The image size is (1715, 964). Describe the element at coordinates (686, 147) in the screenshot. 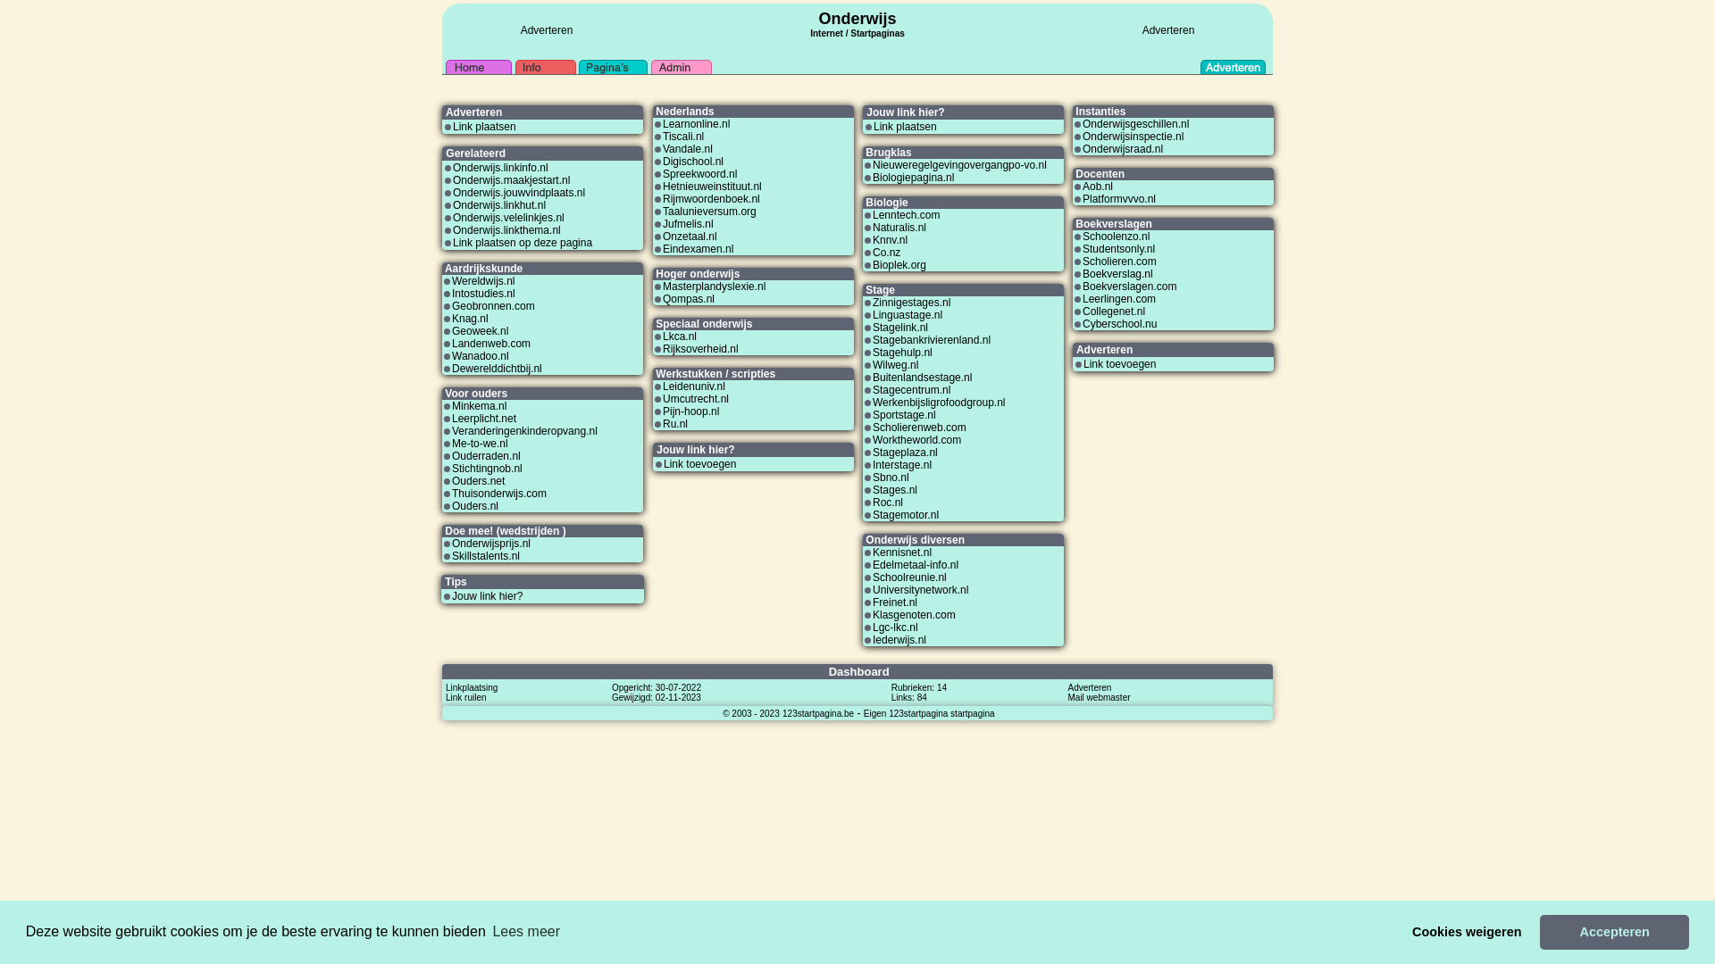

I see `'Vandale.nl'` at that location.